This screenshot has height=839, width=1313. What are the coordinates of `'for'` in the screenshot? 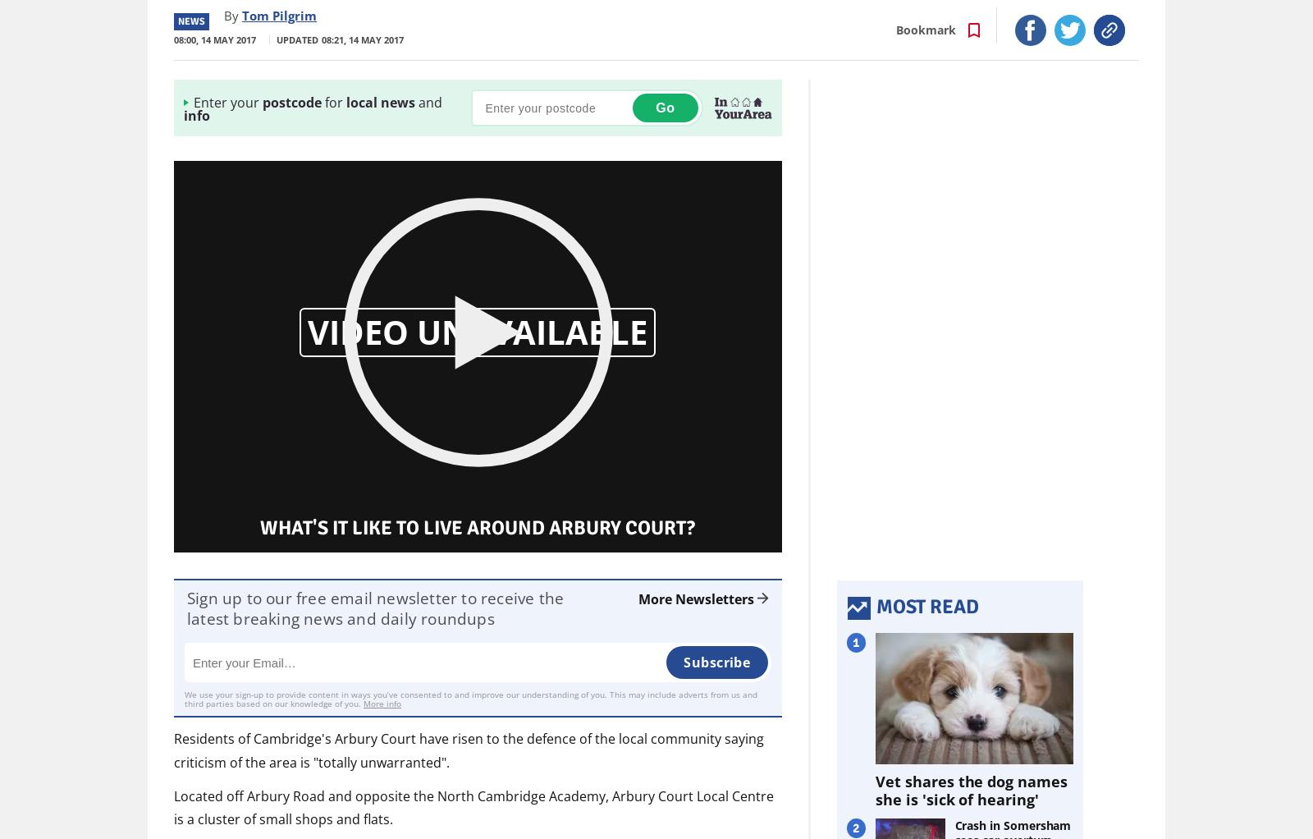 It's located at (333, 102).